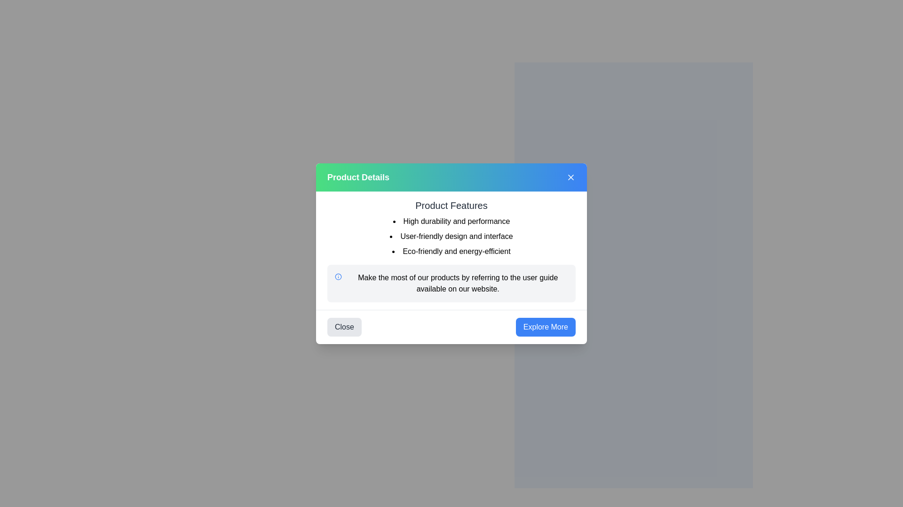  I want to click on the 'Explore More' button located in the bottom-right corner of the modal dialog, so click(546, 326).